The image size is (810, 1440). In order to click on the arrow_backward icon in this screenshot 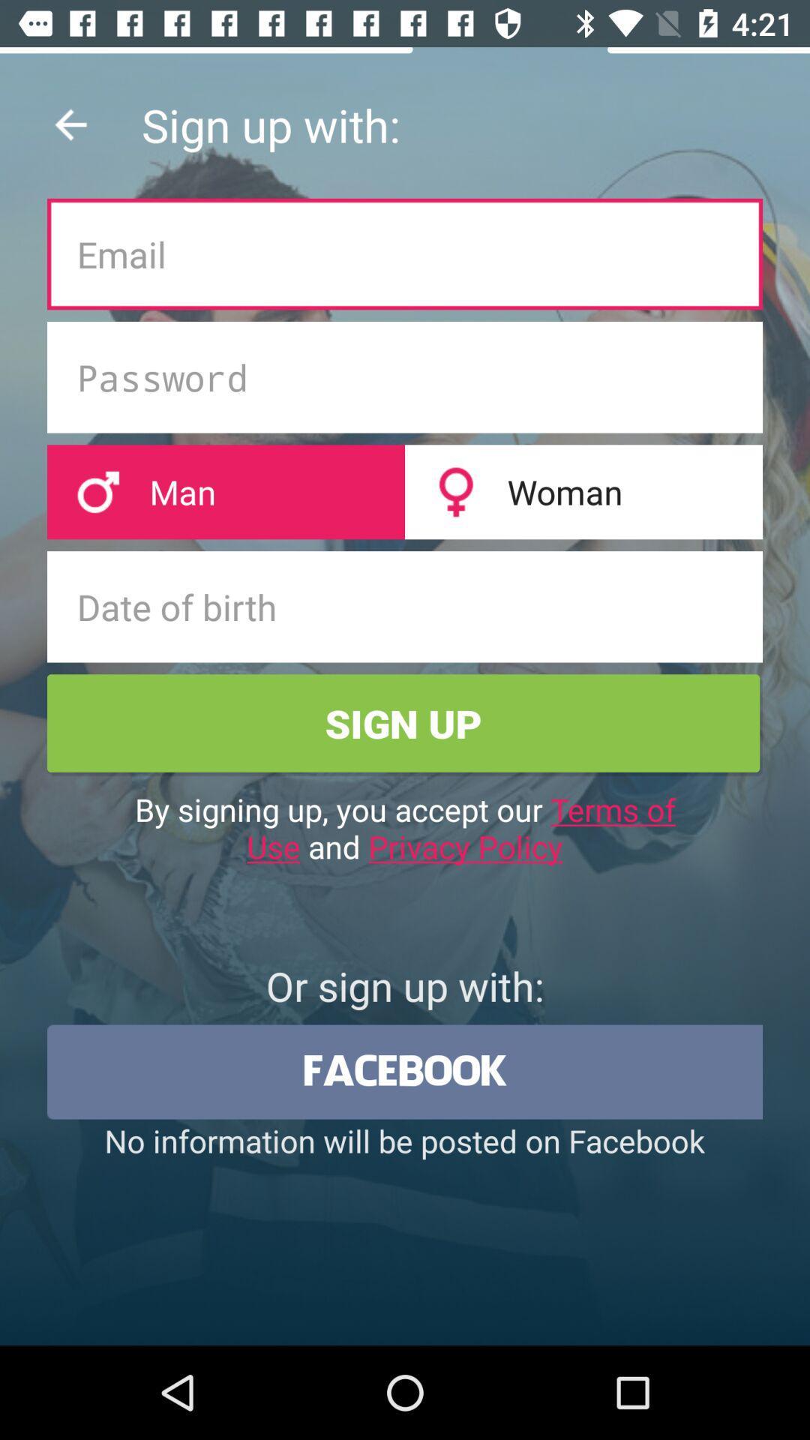, I will do `click(70, 124)`.